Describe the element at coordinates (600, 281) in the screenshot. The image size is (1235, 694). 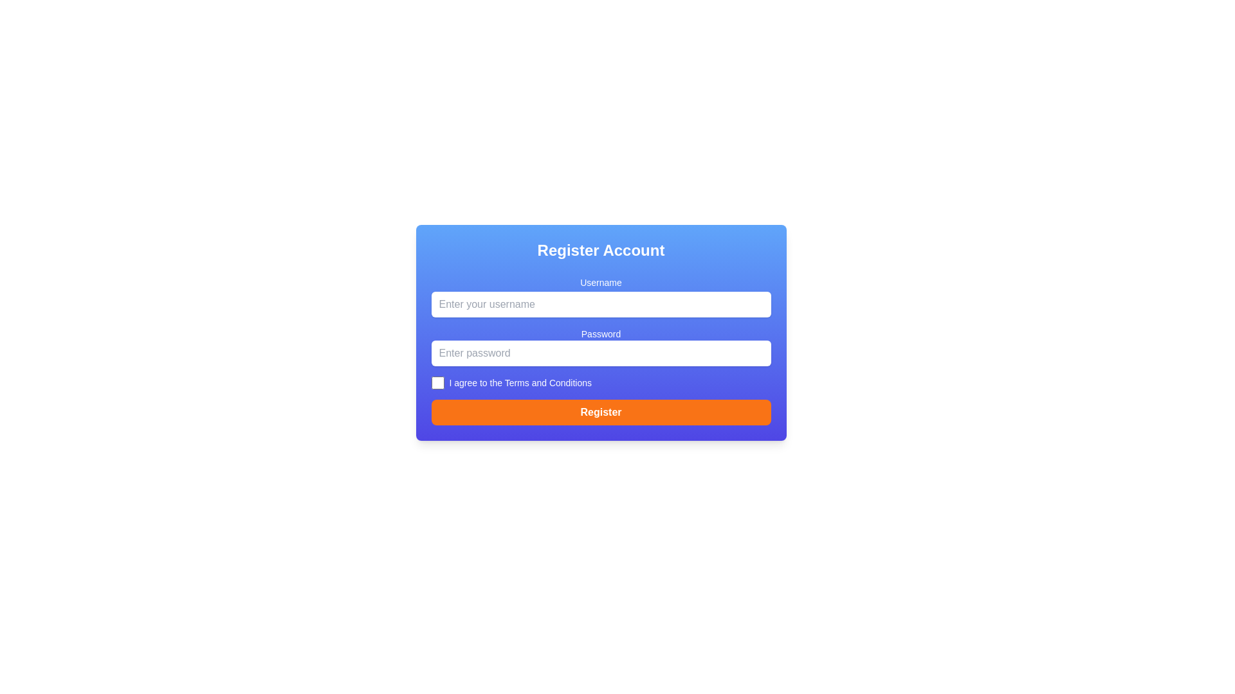
I see `the Text label indicating the username input field in the blue registration panel` at that location.